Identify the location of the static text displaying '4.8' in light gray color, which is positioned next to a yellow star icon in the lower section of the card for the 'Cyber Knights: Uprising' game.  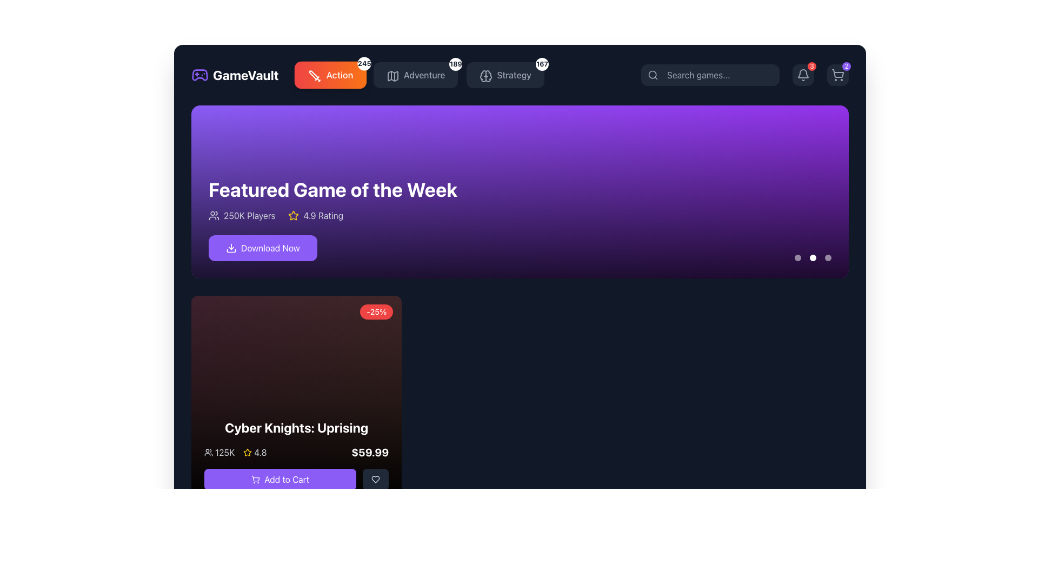
(260, 453).